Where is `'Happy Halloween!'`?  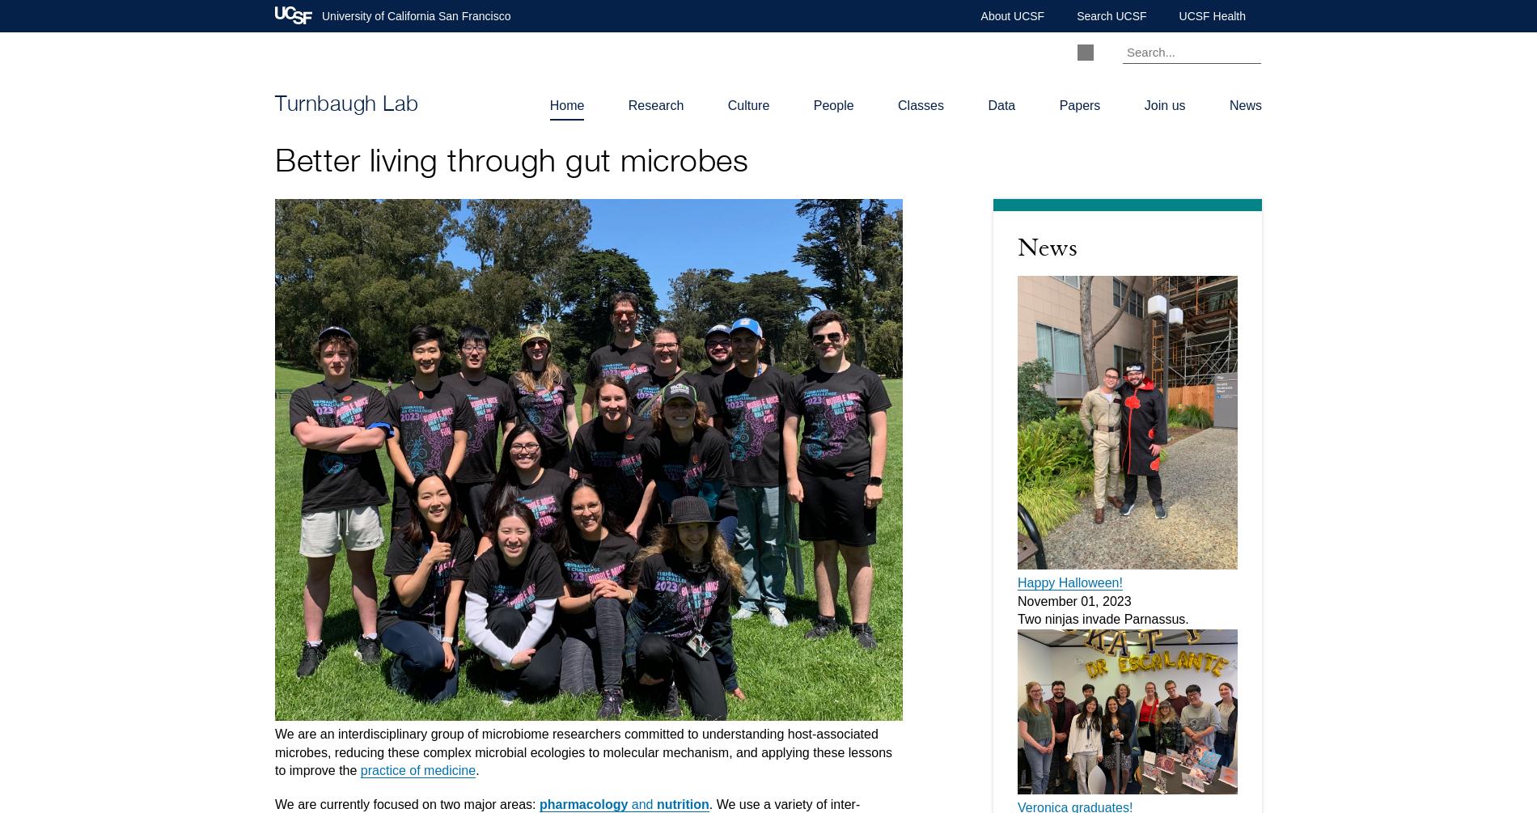 'Happy Halloween!' is located at coordinates (1069, 582).